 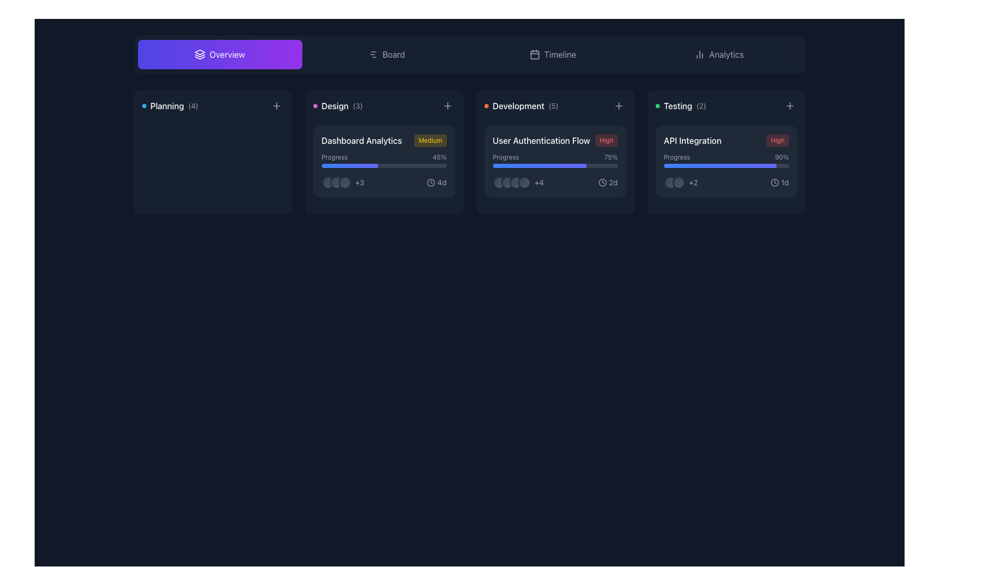 What do you see at coordinates (669, 182) in the screenshot?
I see `the graphical avatar located in the bottom-left area of the 'API Integration' card under the 'Testing' column, which serves as a visual representation of a participating user or process` at bounding box center [669, 182].